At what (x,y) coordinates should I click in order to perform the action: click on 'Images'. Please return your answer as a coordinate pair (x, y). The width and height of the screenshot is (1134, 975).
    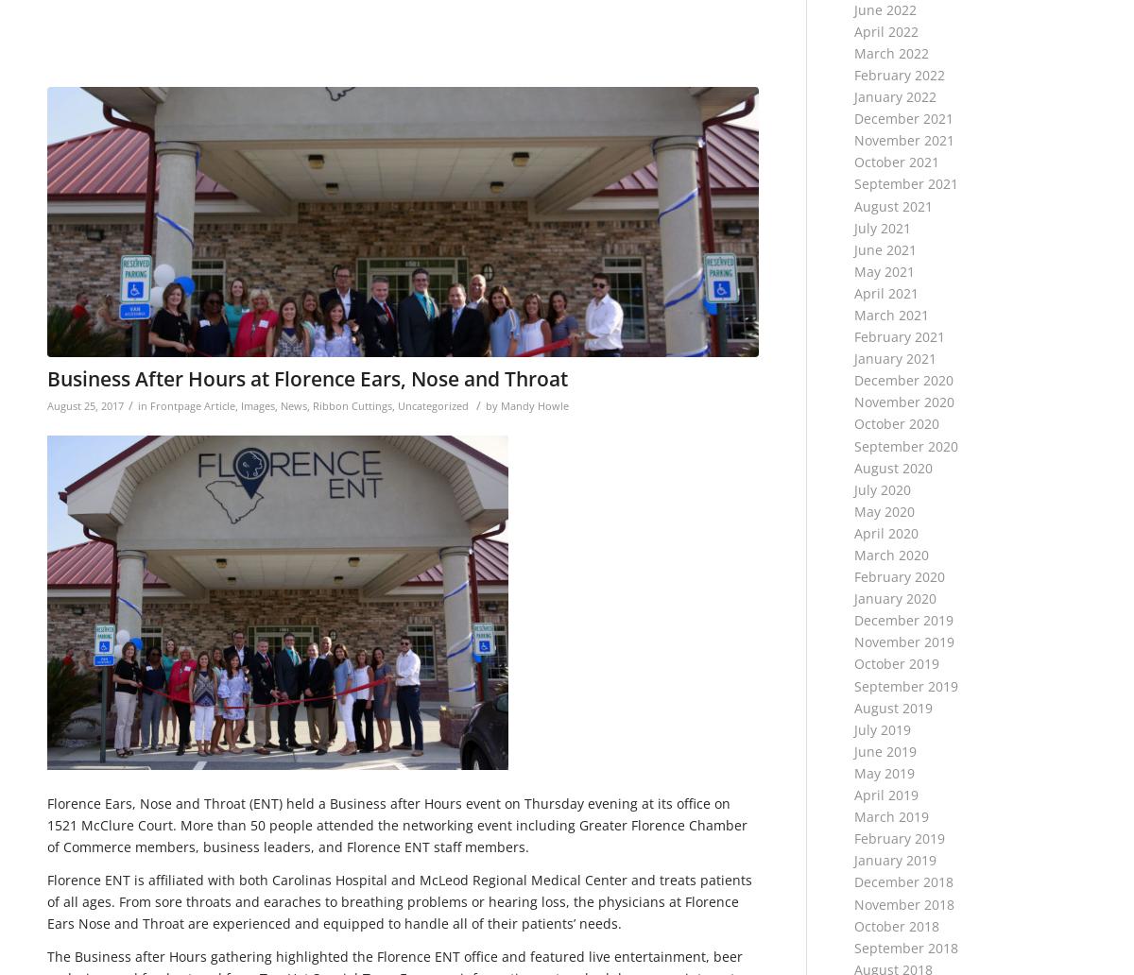
    Looking at the image, I should click on (257, 404).